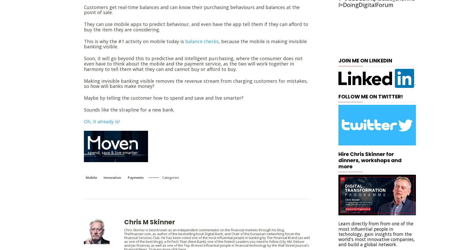 This screenshot has width=449, height=250. What do you see at coordinates (196, 26) in the screenshot?
I see `'They can use mobile apps to predict behaviour, and even have the app tell them if they can afford to buy the item they are considering.'` at bounding box center [196, 26].